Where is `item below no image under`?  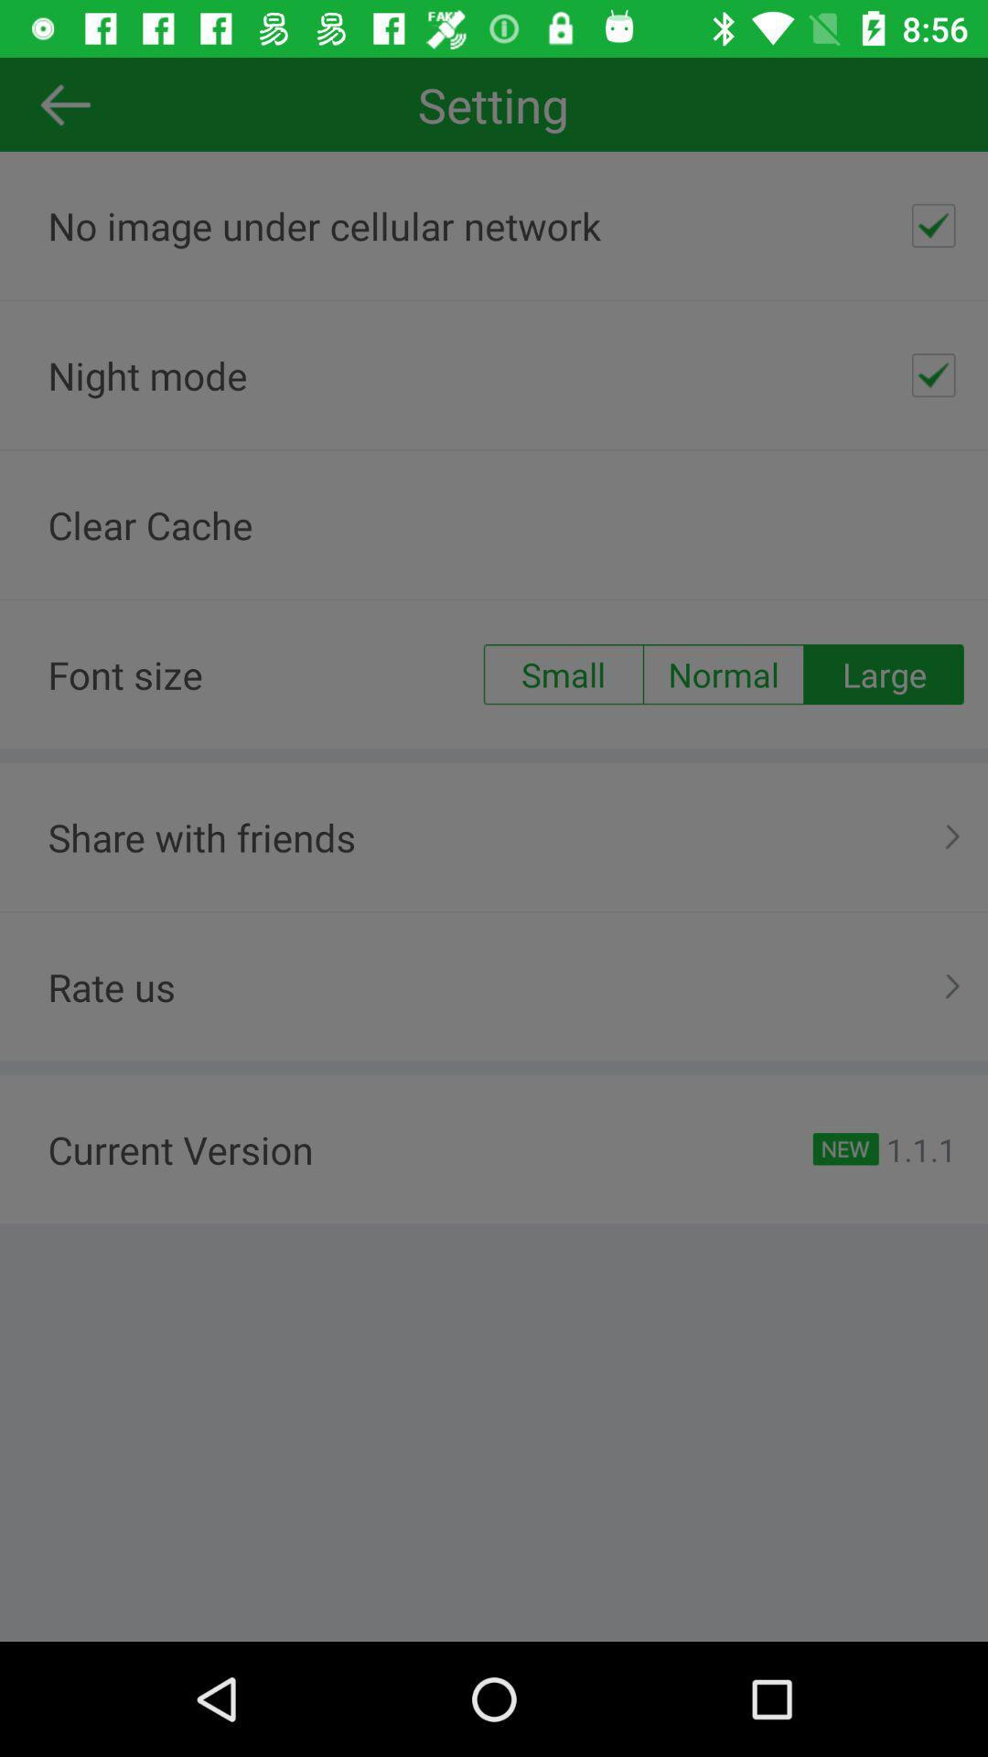
item below no image under is located at coordinates (933, 374).